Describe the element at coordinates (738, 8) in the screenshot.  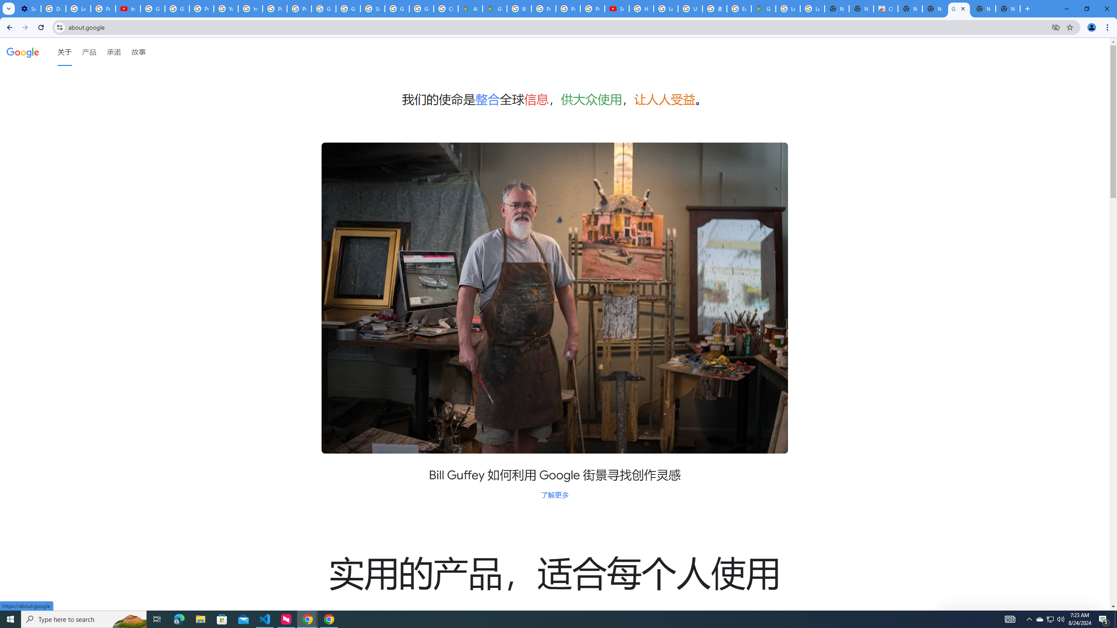
I see `'Explore new street-level details - Google Maps Help'` at that location.